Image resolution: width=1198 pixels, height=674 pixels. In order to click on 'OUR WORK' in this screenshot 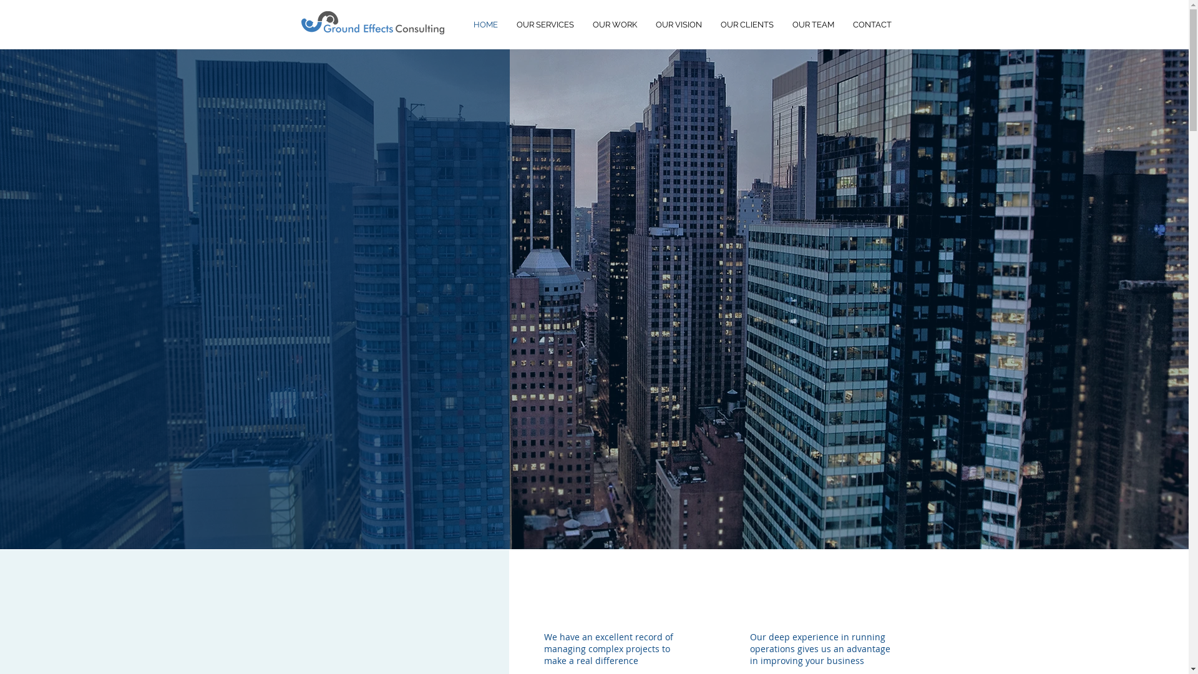, I will do `click(582, 24)`.